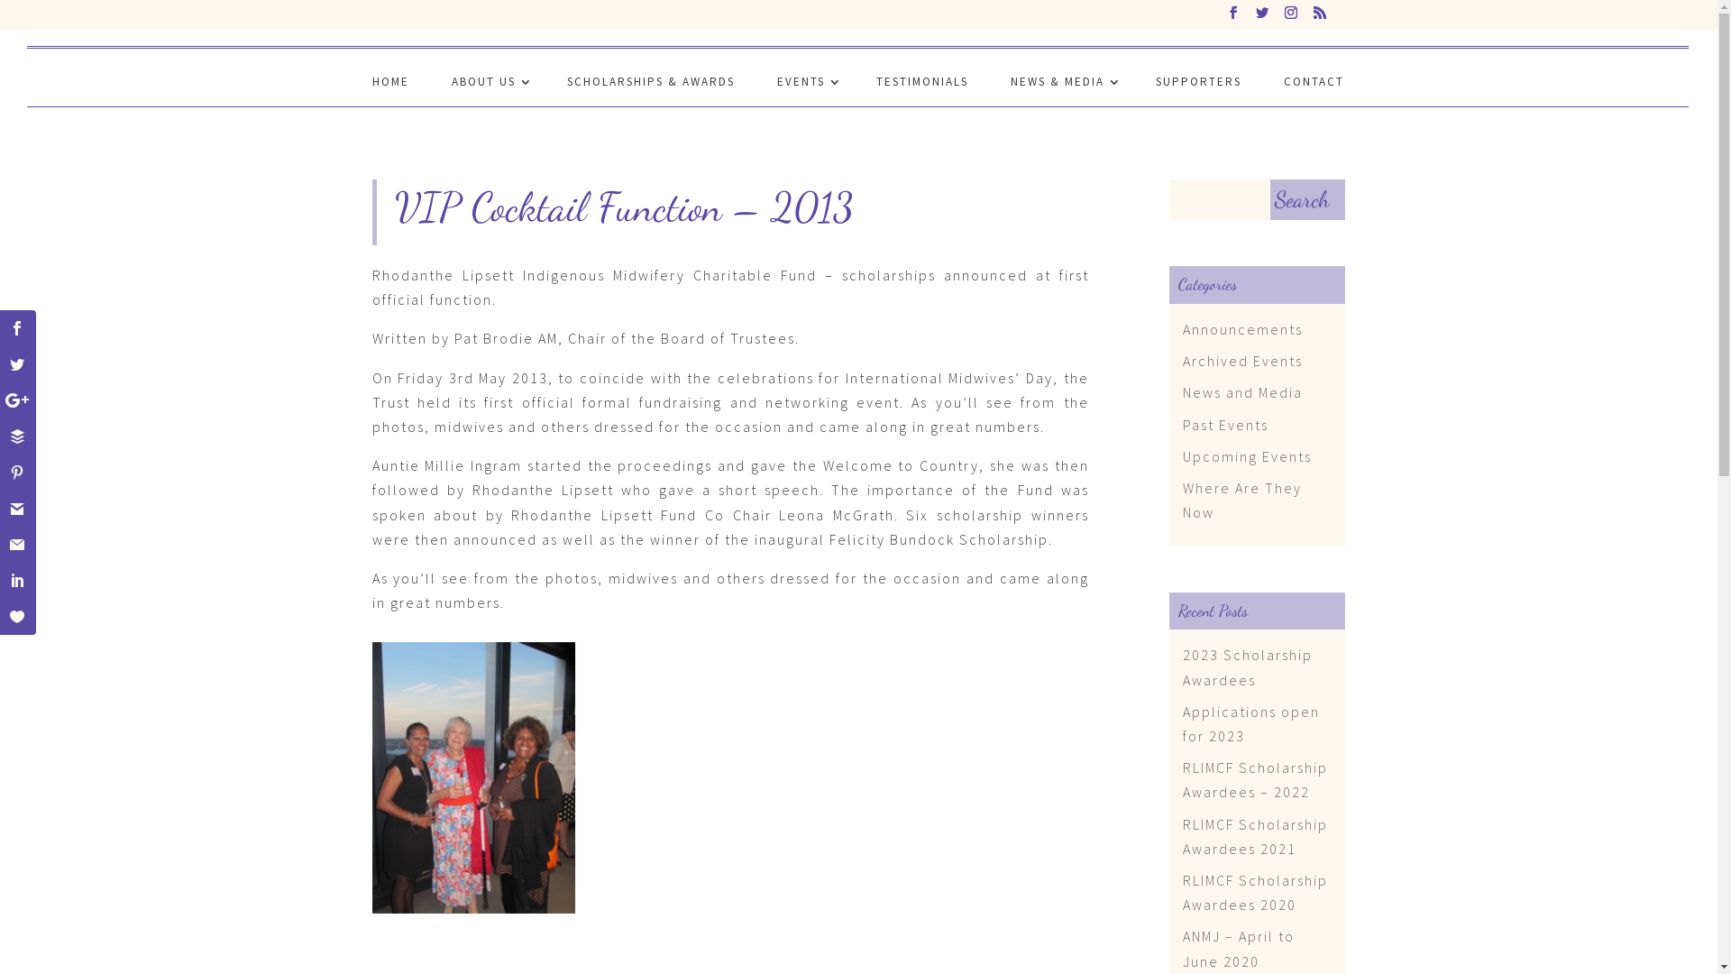 This screenshot has height=974, width=1731. I want to click on '2023 Scholarship Awardees', so click(1182, 666).